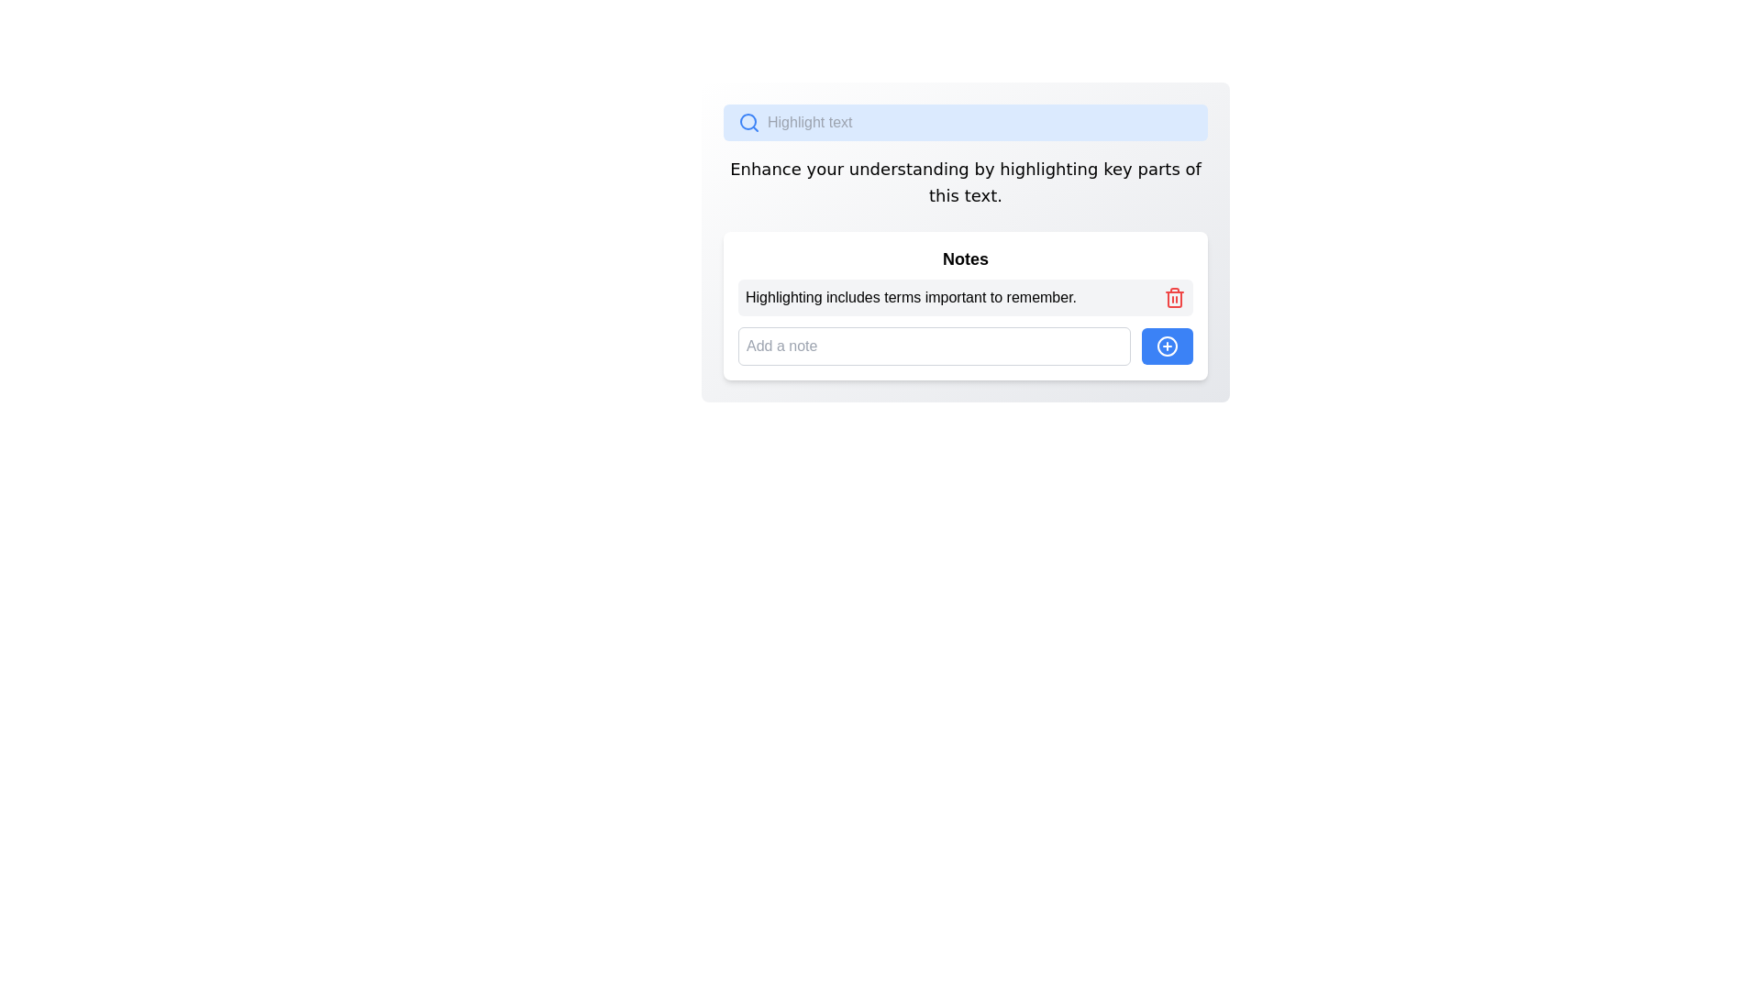  Describe the element at coordinates (748, 121) in the screenshot. I see `the central circular part of the search icon, which represents the magnifying glass handle, located near the top-left corner of the interface` at that location.